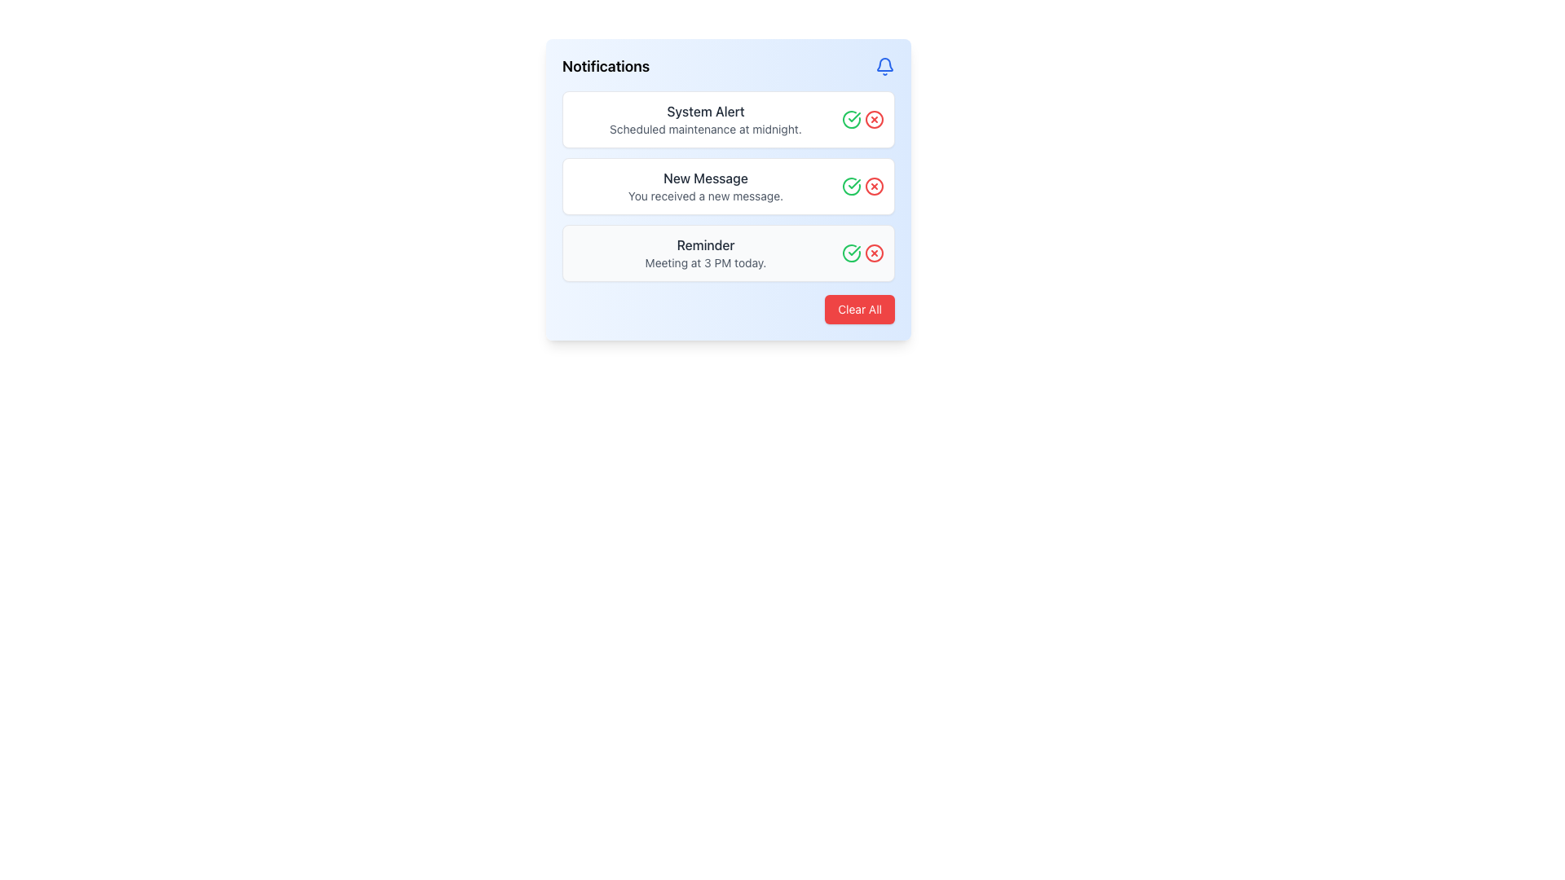 This screenshot has height=880, width=1565. I want to click on the green checkmark icon button inside the 'System Alert' notification item, which is the leftmost icon in the group of two interactive icons on the right side of the notification entry, so click(851, 118).